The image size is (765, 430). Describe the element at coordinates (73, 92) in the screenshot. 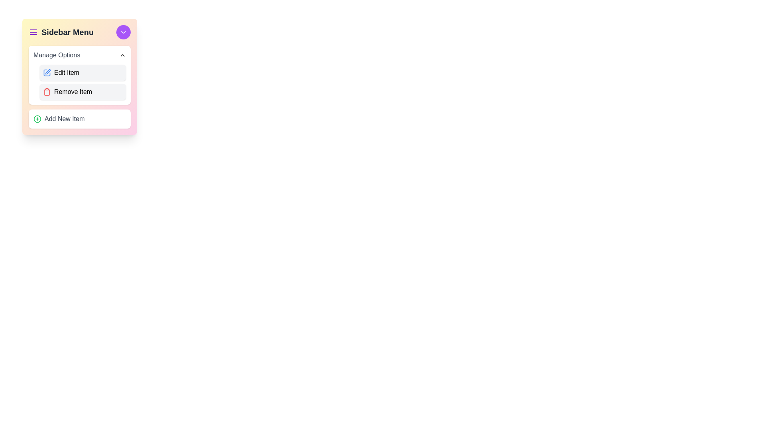

I see `the 'Remove Item' text label in the menu under 'Manage Options'` at that location.